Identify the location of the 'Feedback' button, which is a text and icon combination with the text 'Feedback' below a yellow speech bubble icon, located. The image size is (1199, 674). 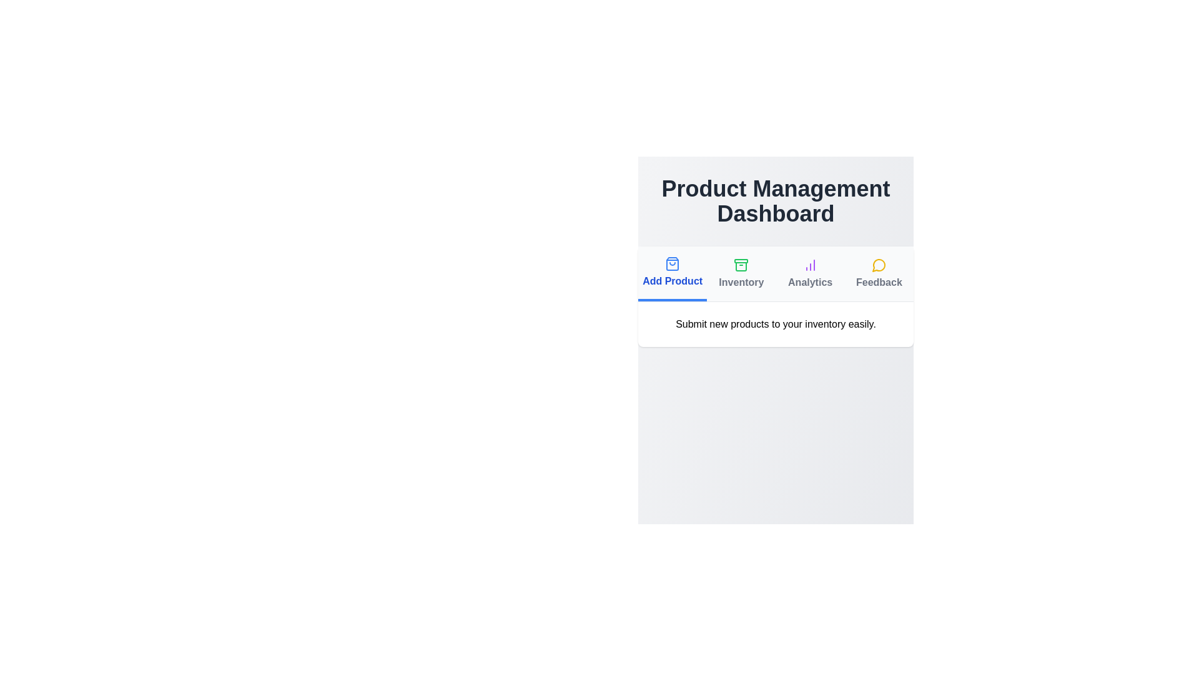
(878, 273).